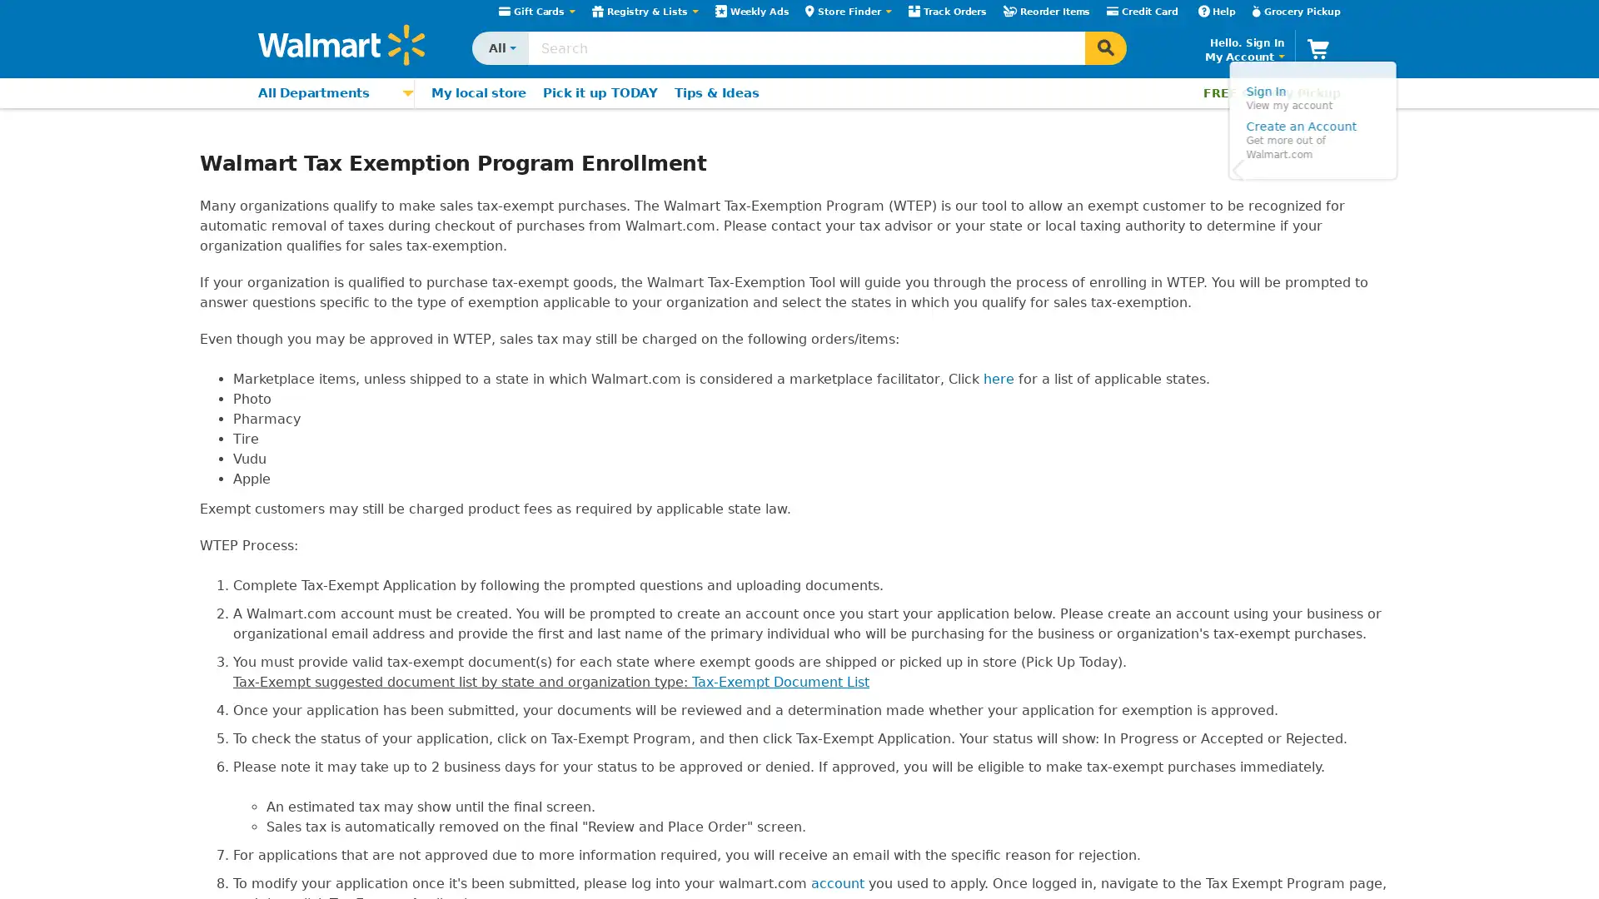  I want to click on Home Improvement, so click(323, 231).